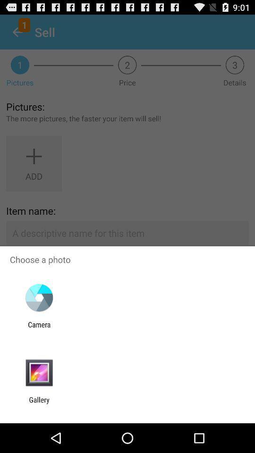 This screenshot has width=255, height=453. What do you see at coordinates (39, 328) in the screenshot?
I see `camera app` at bounding box center [39, 328].